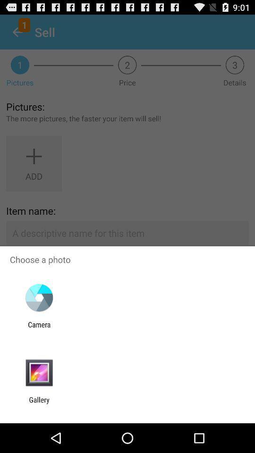 This screenshot has width=255, height=453. What do you see at coordinates (39, 328) in the screenshot?
I see `camera app` at bounding box center [39, 328].